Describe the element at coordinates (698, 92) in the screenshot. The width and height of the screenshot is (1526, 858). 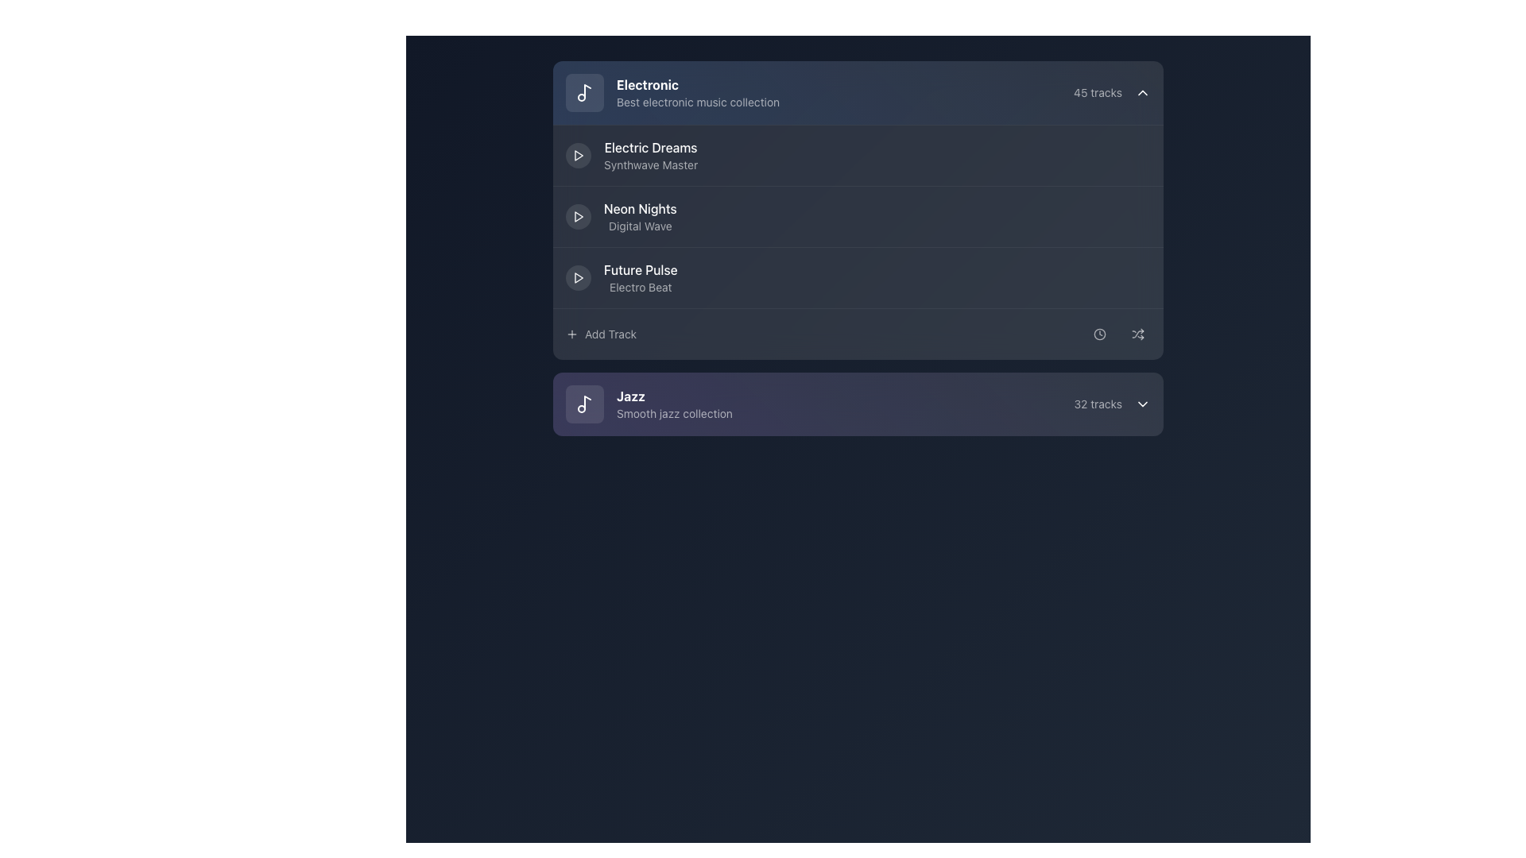
I see `the Text Block displaying 'Electronic', which contains a bold white font and a smaller semi-transparent white description about the best electronic music collection` at that location.